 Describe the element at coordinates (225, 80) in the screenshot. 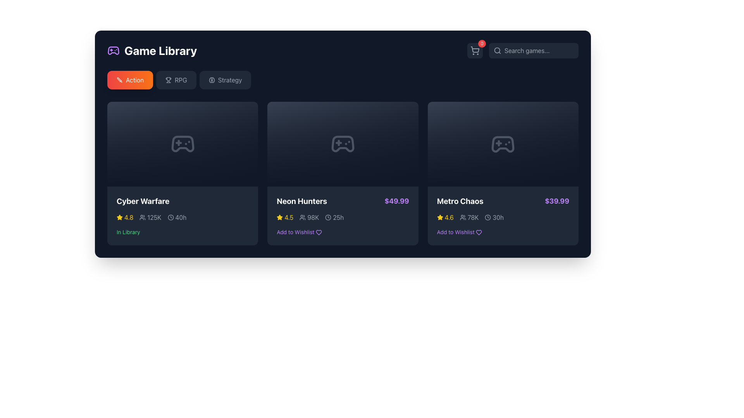

I see `the third button in a horizontal row of three buttons` at that location.